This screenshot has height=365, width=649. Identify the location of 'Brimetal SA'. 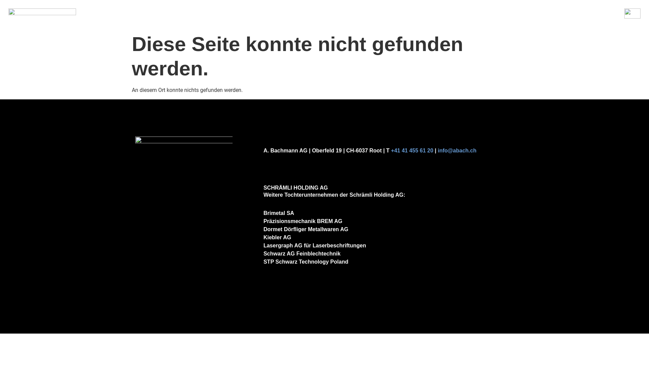
(279, 213).